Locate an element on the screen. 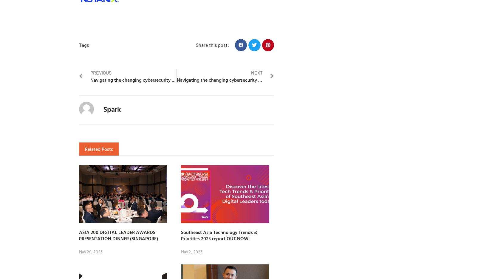 This screenshot has width=492, height=279. 'Navigating the changing cybersecurity threat landscape : Perspectives from IT leaders in Hong Kong' is located at coordinates (280, 79).